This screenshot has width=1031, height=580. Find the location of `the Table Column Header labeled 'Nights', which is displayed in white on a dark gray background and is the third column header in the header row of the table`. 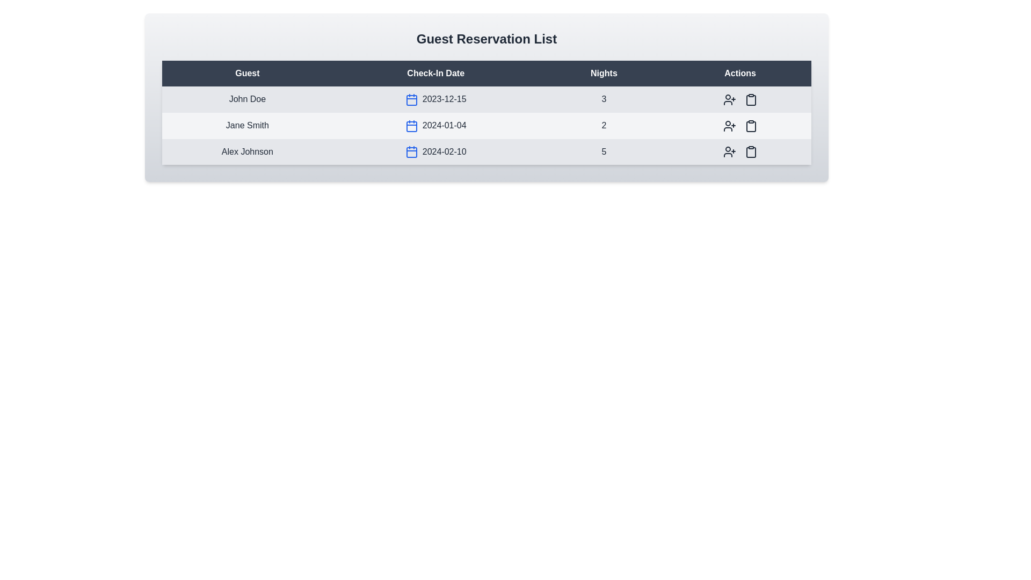

the Table Column Header labeled 'Nights', which is displayed in white on a dark gray background and is the third column header in the header row of the table is located at coordinates (604, 73).